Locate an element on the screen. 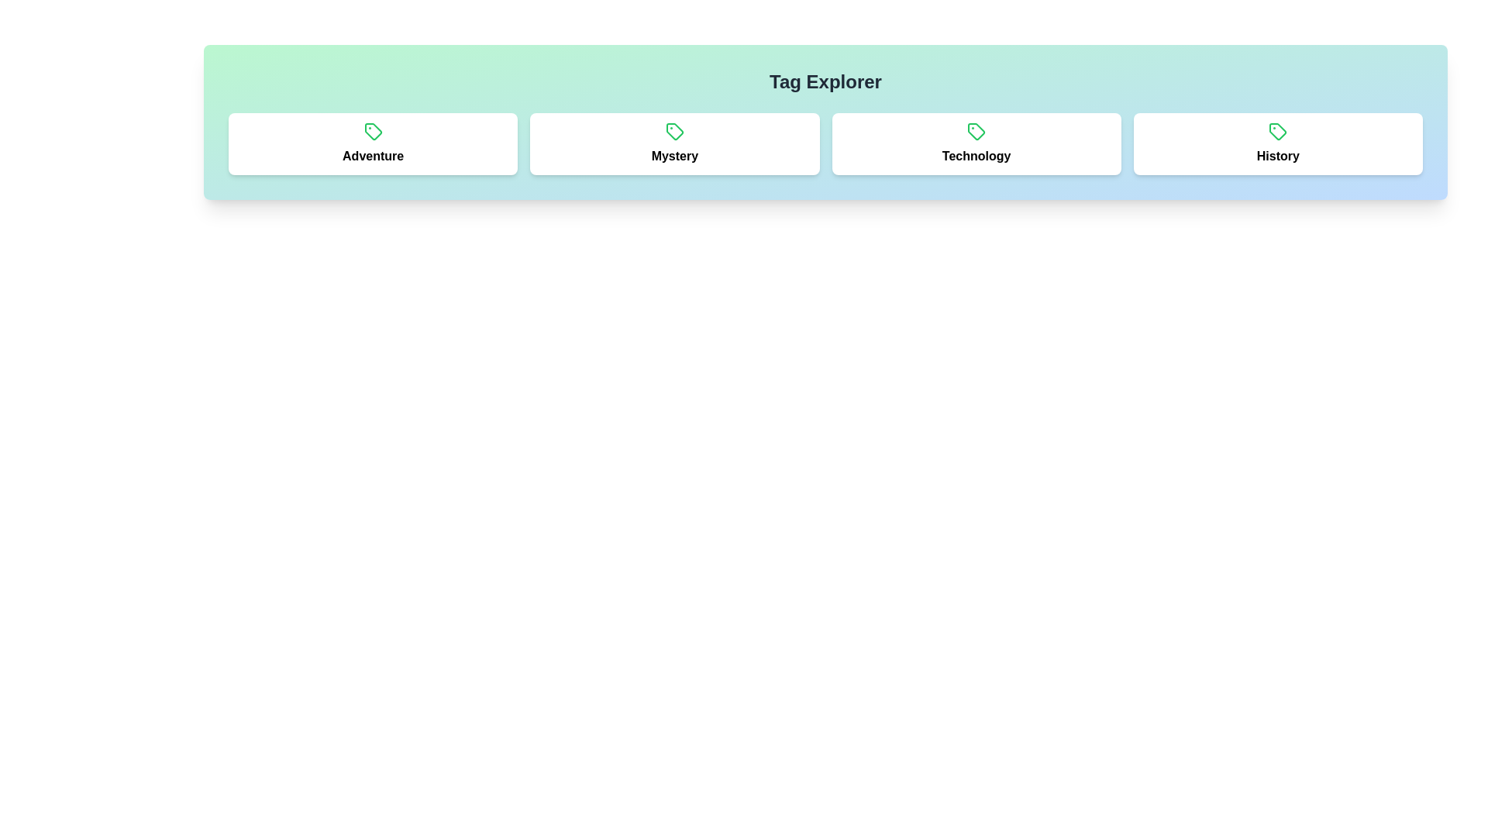  the 'Technology' button, which is a rectangular button with a white background, displaying the text 'Technology' in bold font and an icon resembling a green outlined tag, located in the third position of a horizontal button layout is located at coordinates (976, 143).